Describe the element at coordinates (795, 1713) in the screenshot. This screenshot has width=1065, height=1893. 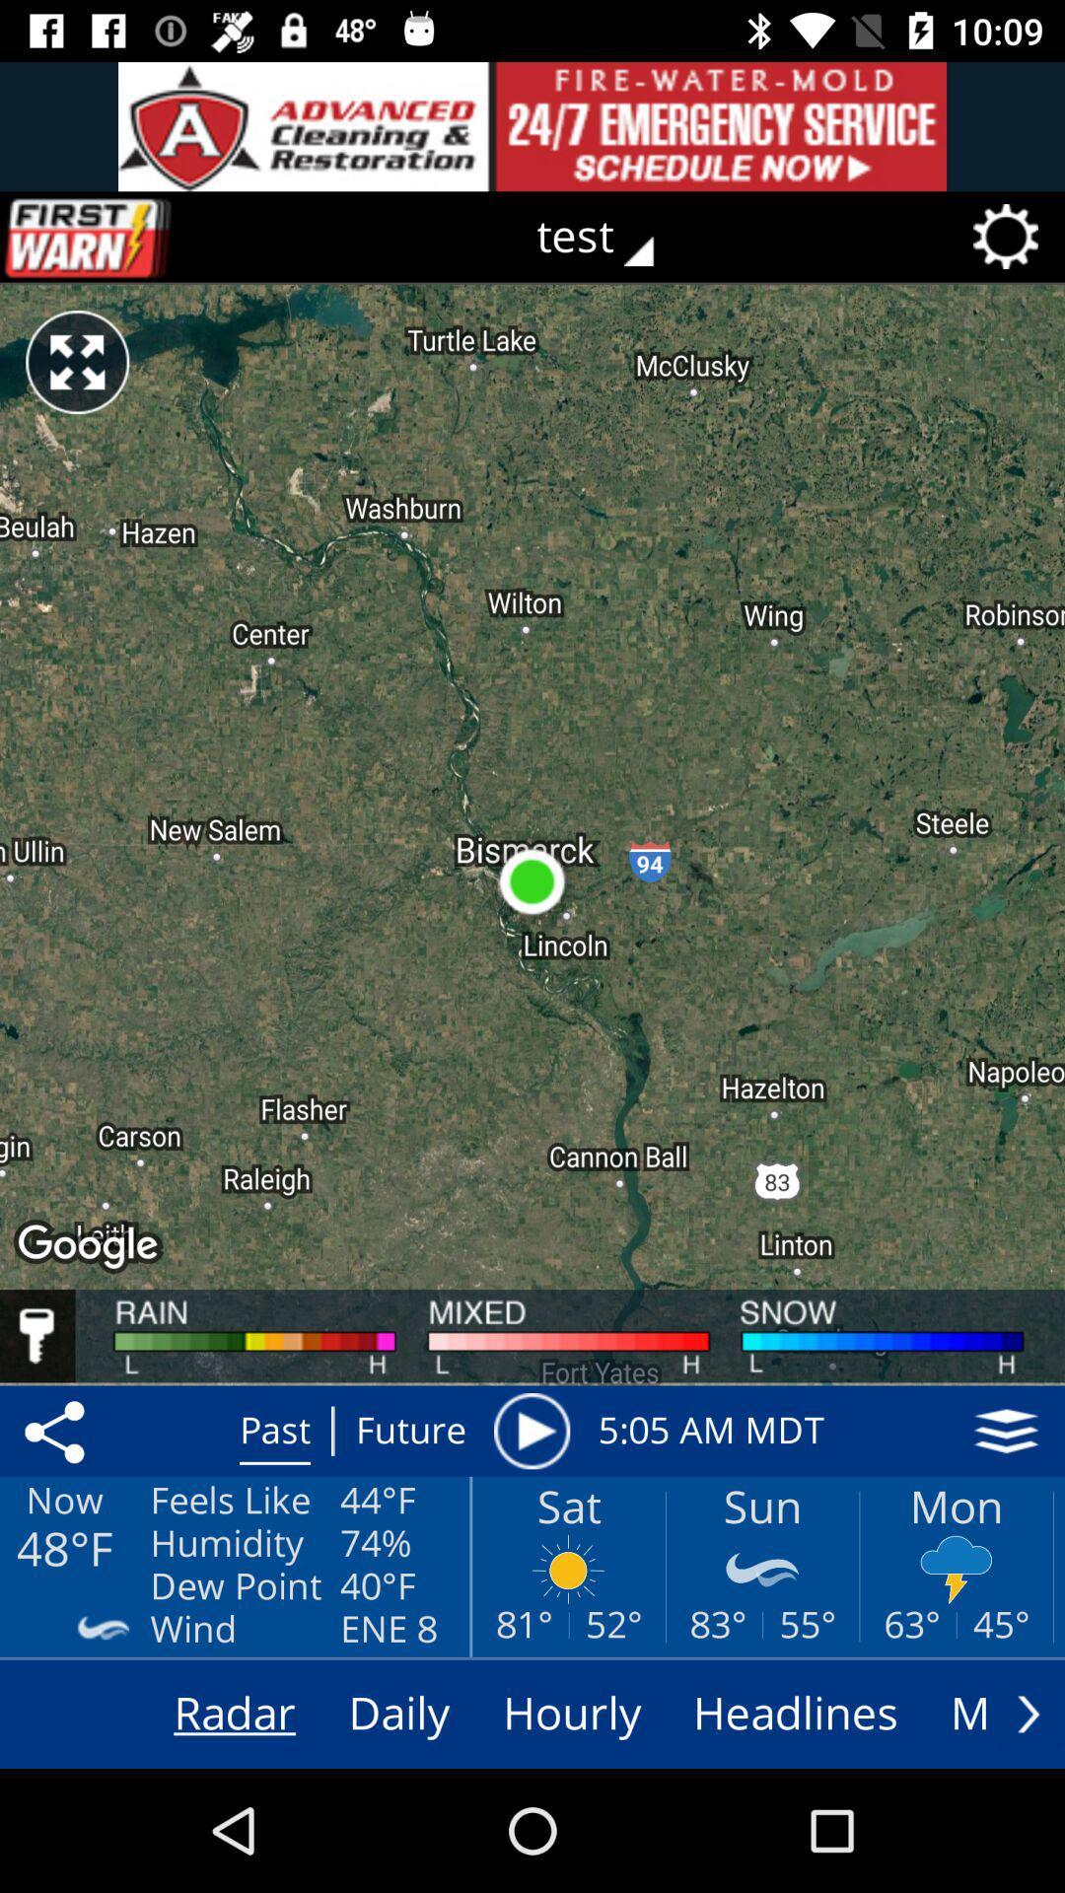
I see `headlines` at that location.